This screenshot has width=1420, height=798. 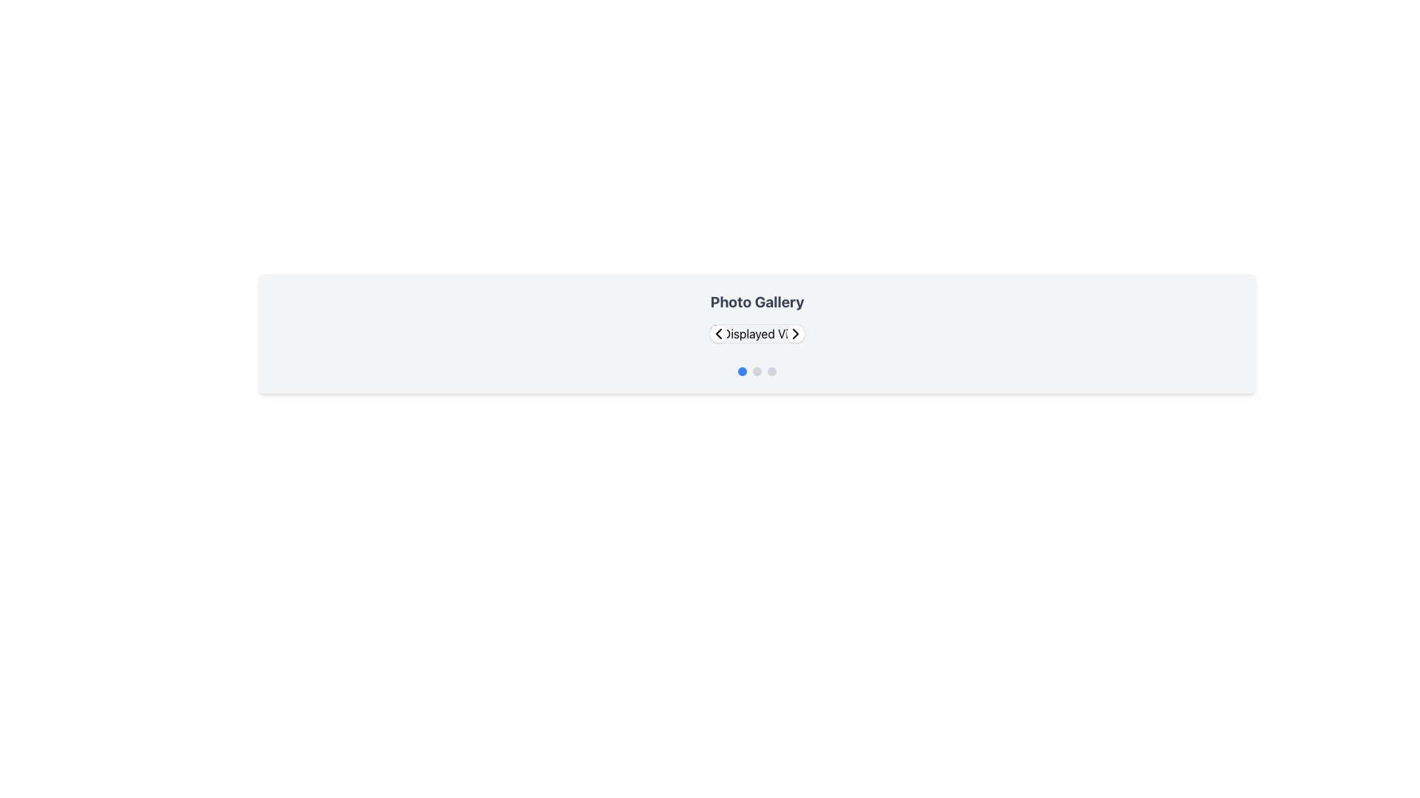 What do you see at coordinates (718, 333) in the screenshot?
I see `the navigational chevron icon on the left side of the 'Photo Gallery' label` at bounding box center [718, 333].